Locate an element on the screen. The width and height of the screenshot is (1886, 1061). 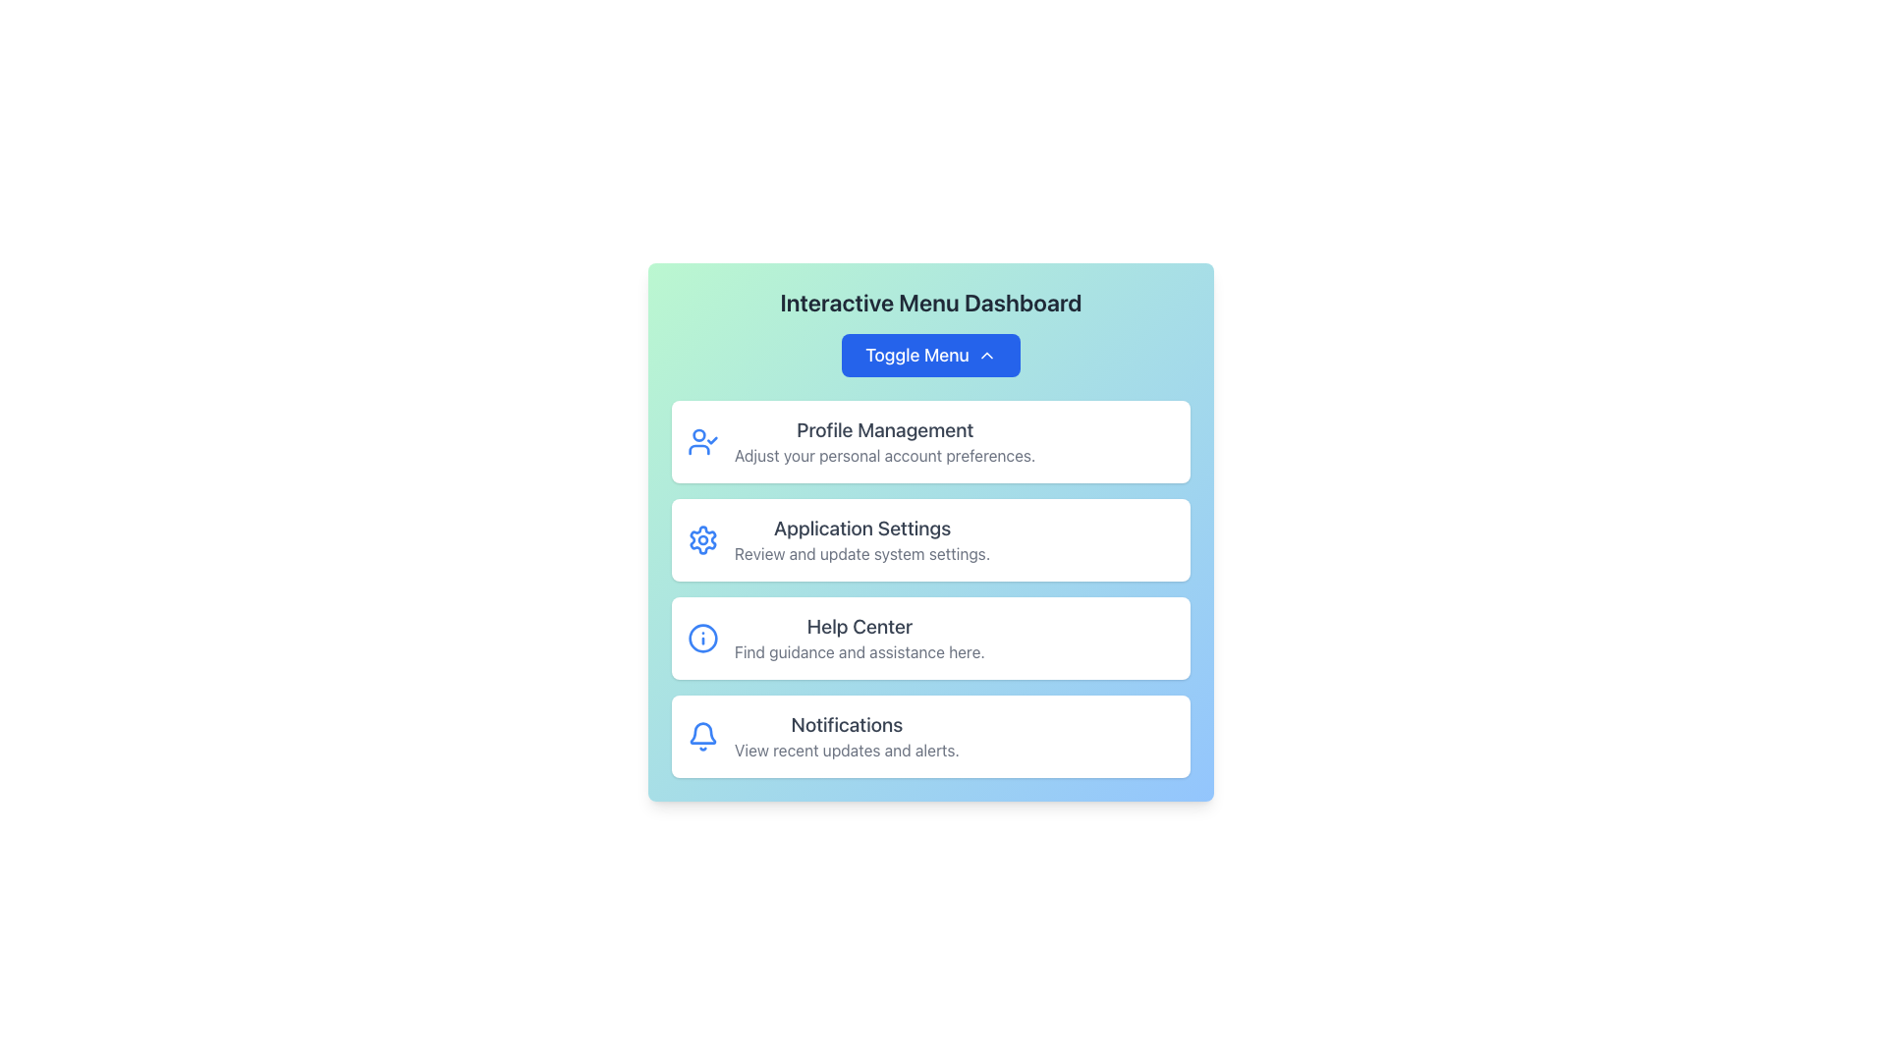
the bell icon representing the 'Notifications' section, which is located to the left of the text 'Notifications' and 'View recent updates and alerts.' is located at coordinates (702, 736).